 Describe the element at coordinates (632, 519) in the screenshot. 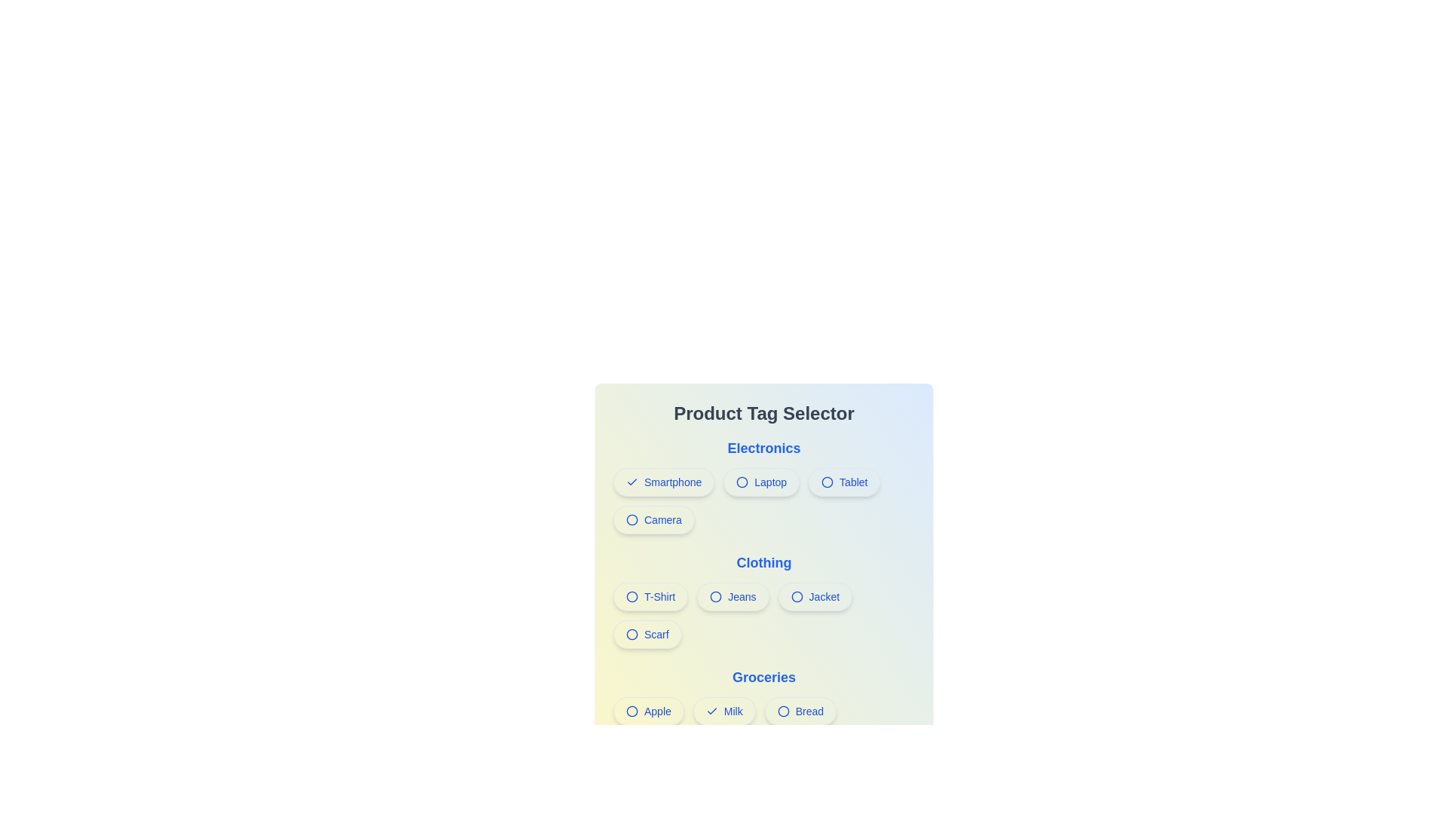

I see `the circular outline element representing the 'Camera' option in the 'Electronics' section of the 'Product Tag Selector'` at that location.